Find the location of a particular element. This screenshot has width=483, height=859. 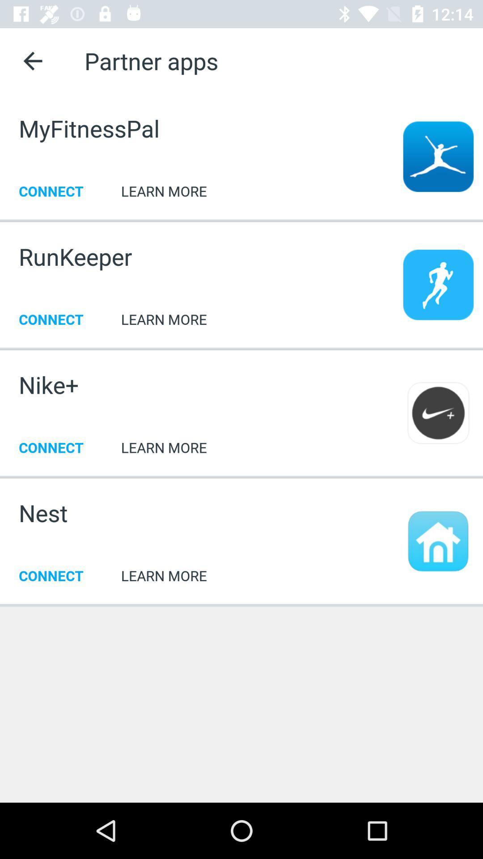

the app next to partner apps icon is located at coordinates (32, 60).